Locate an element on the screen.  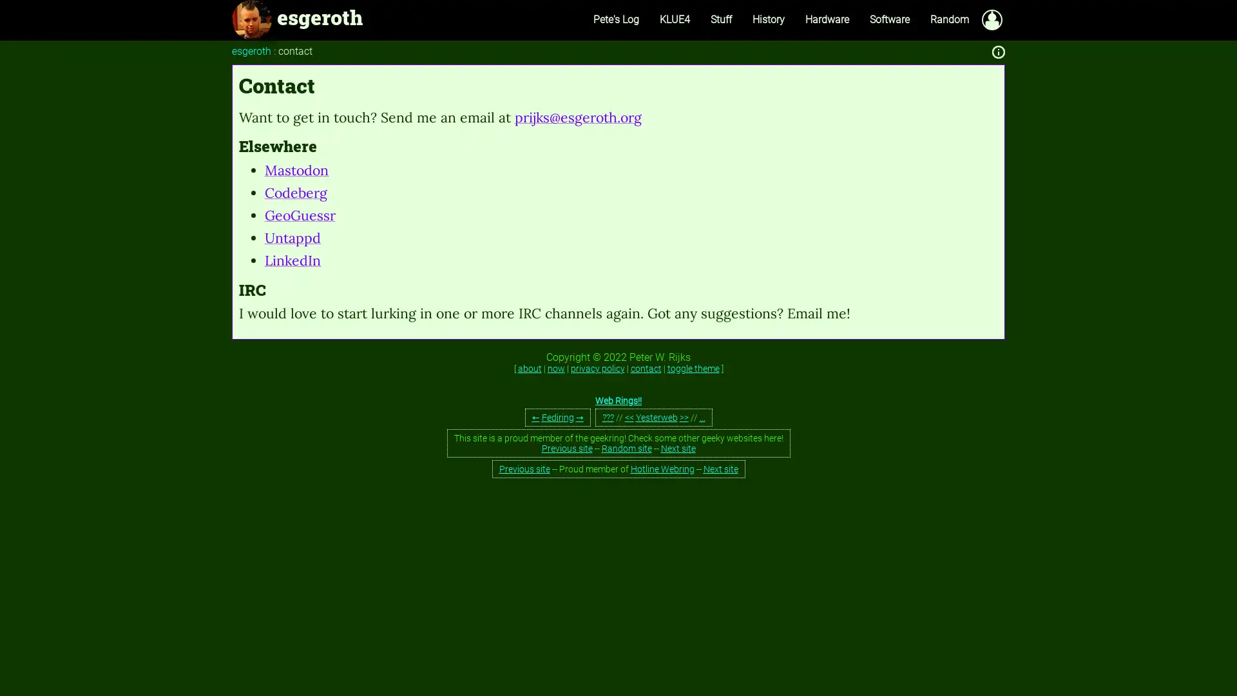
toggle theme is located at coordinates (692, 367).